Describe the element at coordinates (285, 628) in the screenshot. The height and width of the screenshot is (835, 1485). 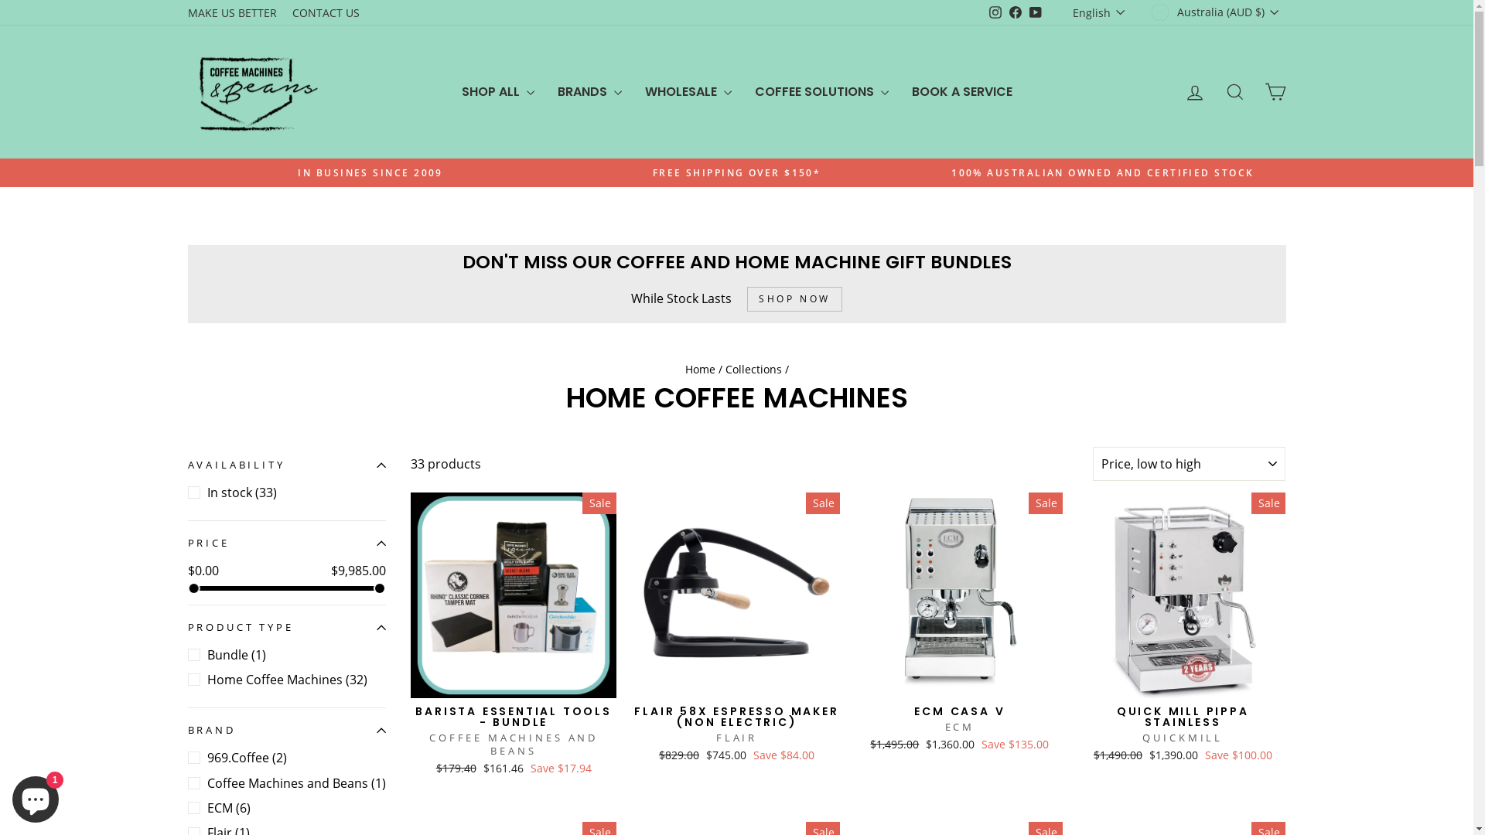
I see `'PRODUCT TYPE'` at that location.